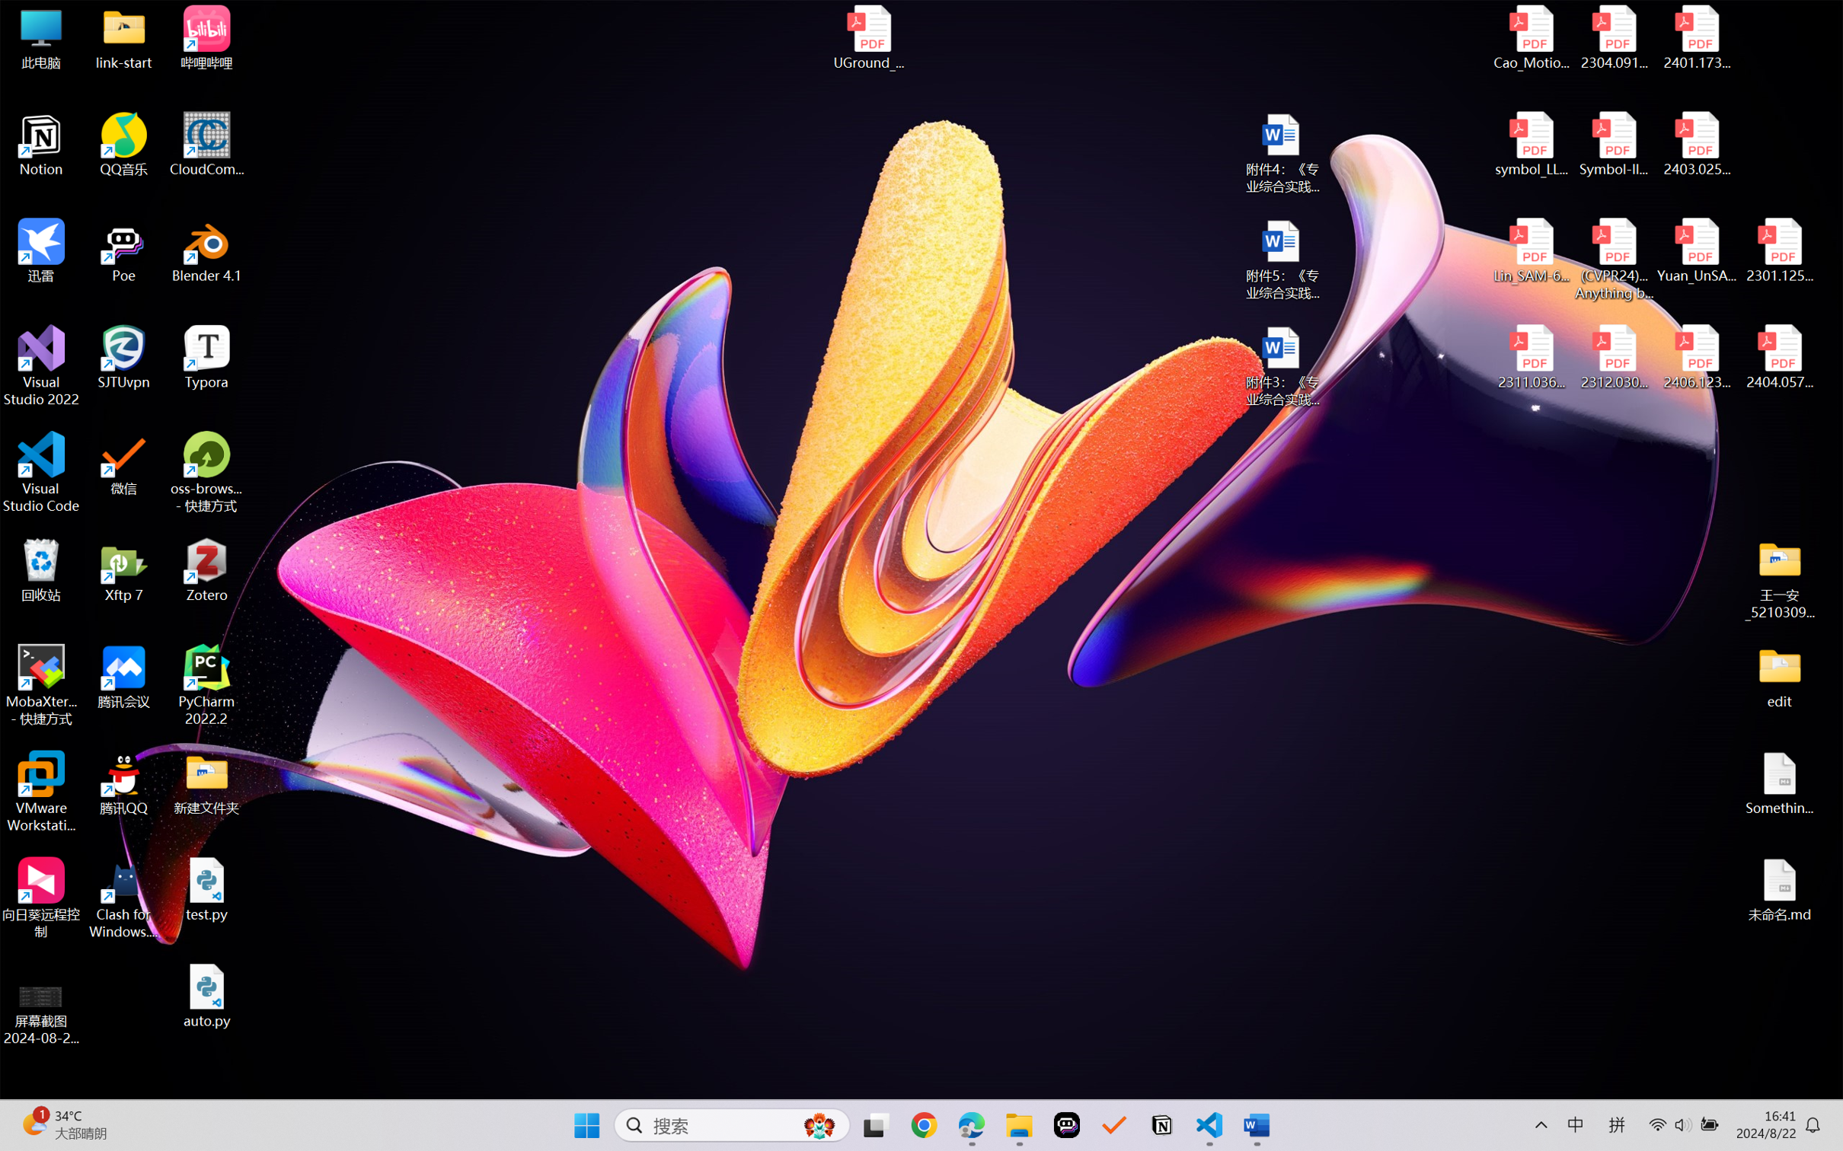  Describe the element at coordinates (124, 569) in the screenshot. I see `'Xftp 7'` at that location.